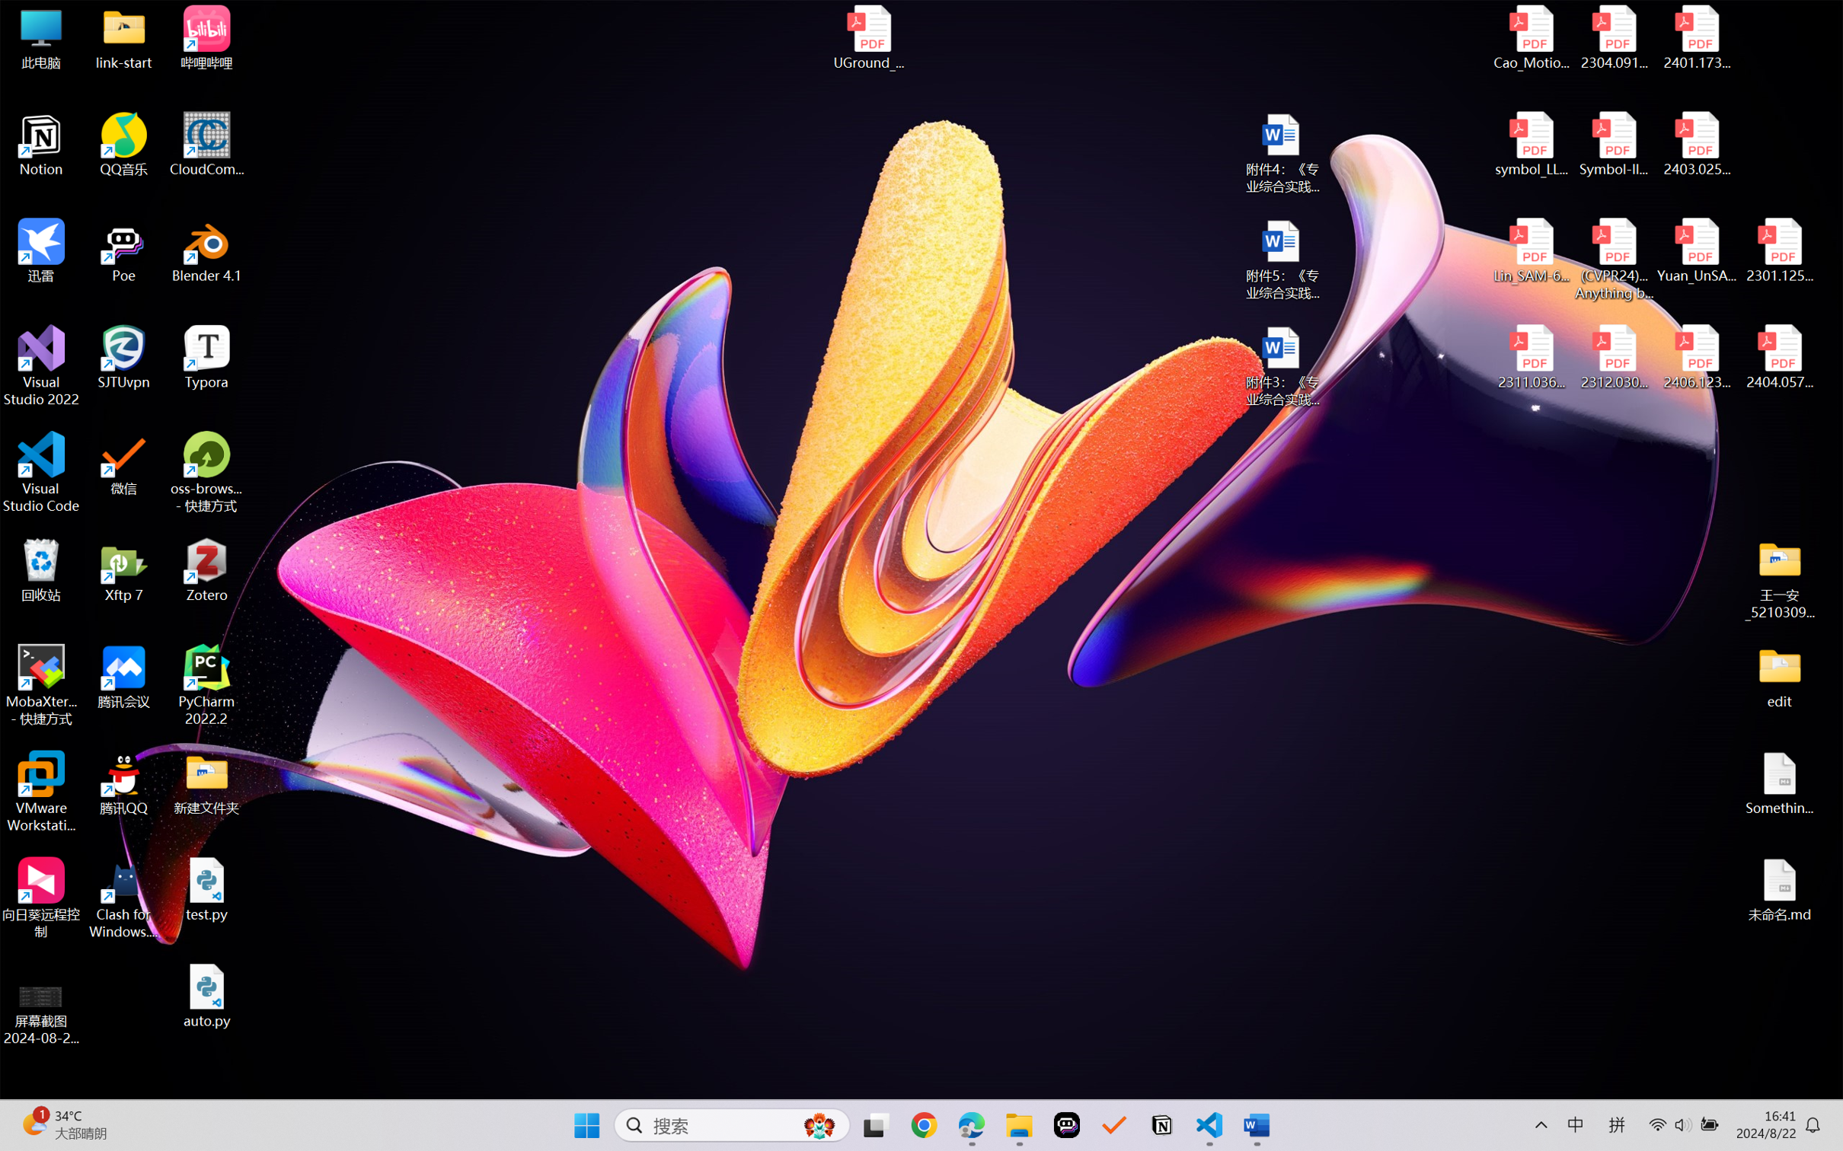  Describe the element at coordinates (124, 569) in the screenshot. I see `'Xftp 7'` at that location.